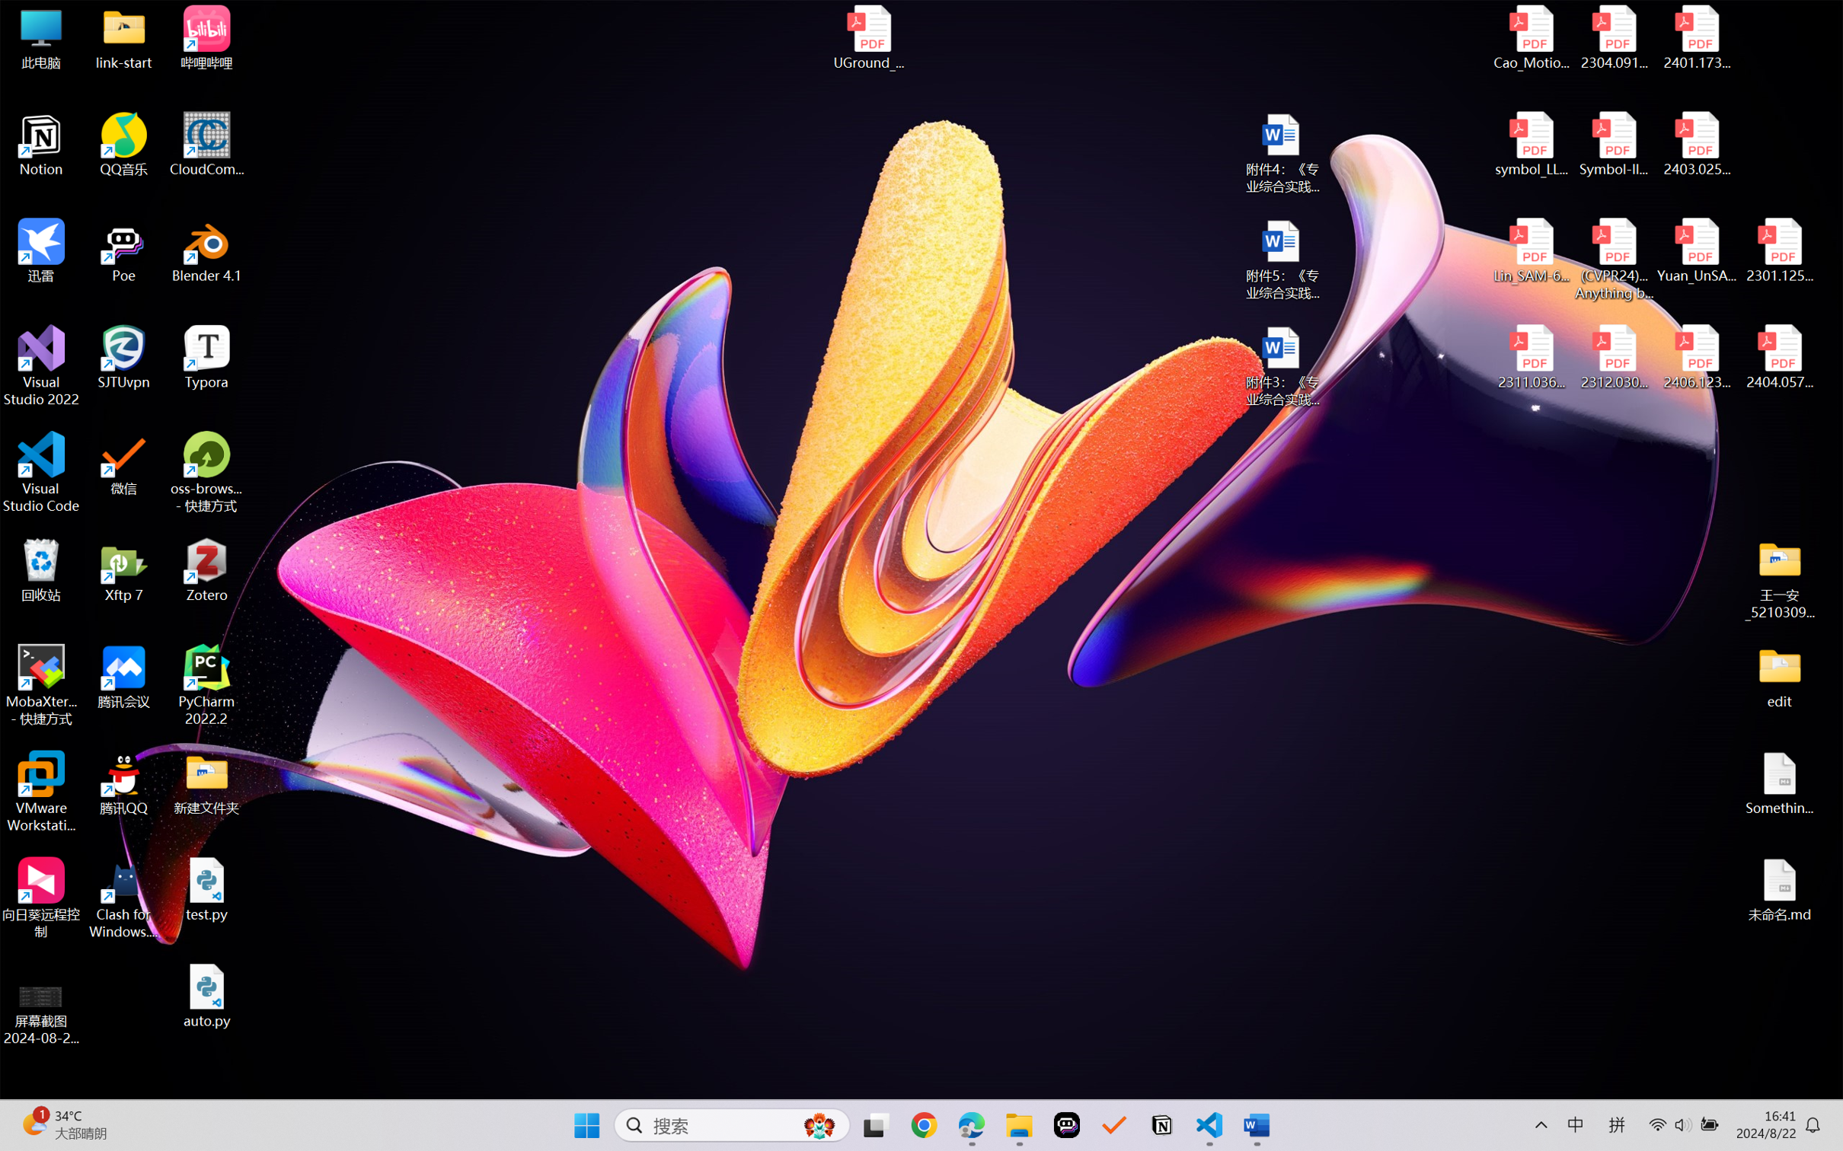  Describe the element at coordinates (124, 569) in the screenshot. I see `'Xftp 7'` at that location.